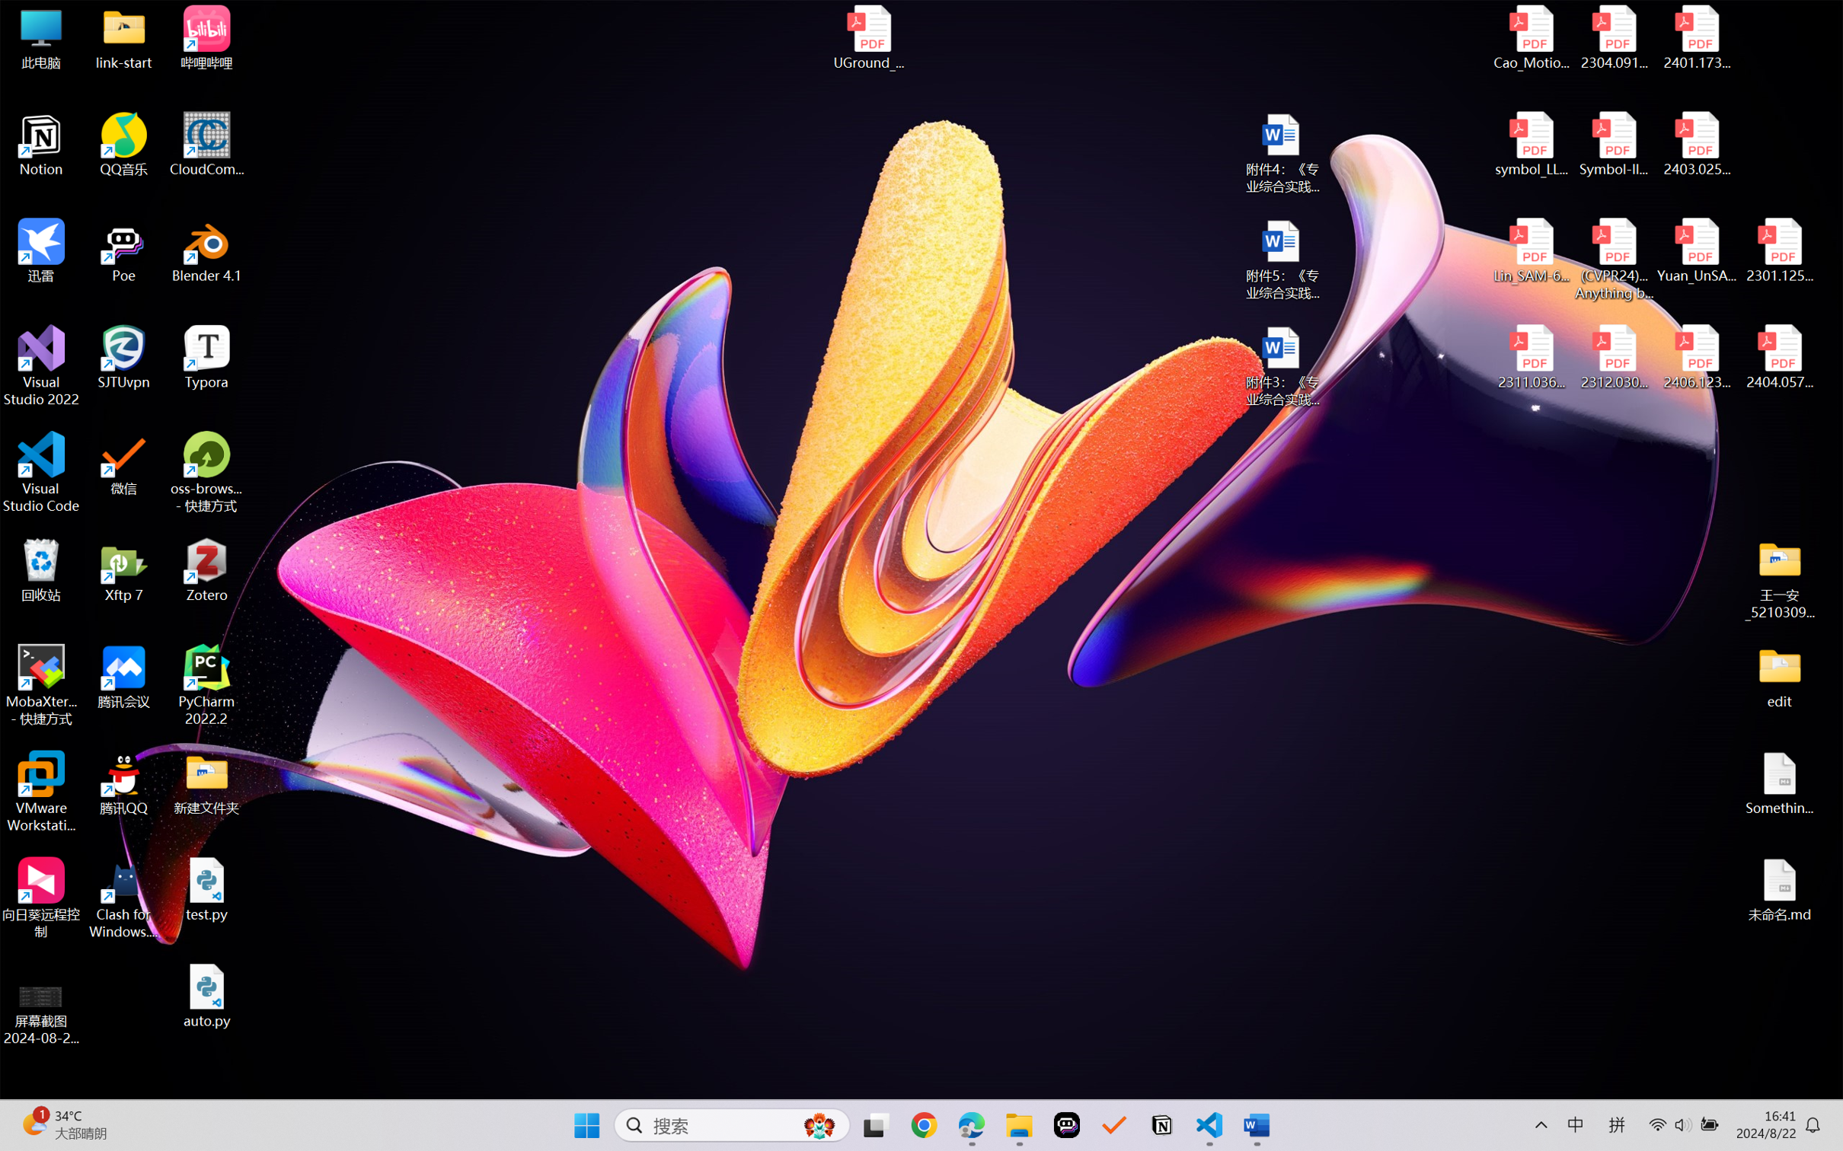  Describe the element at coordinates (124, 569) in the screenshot. I see `'Xftp 7'` at that location.